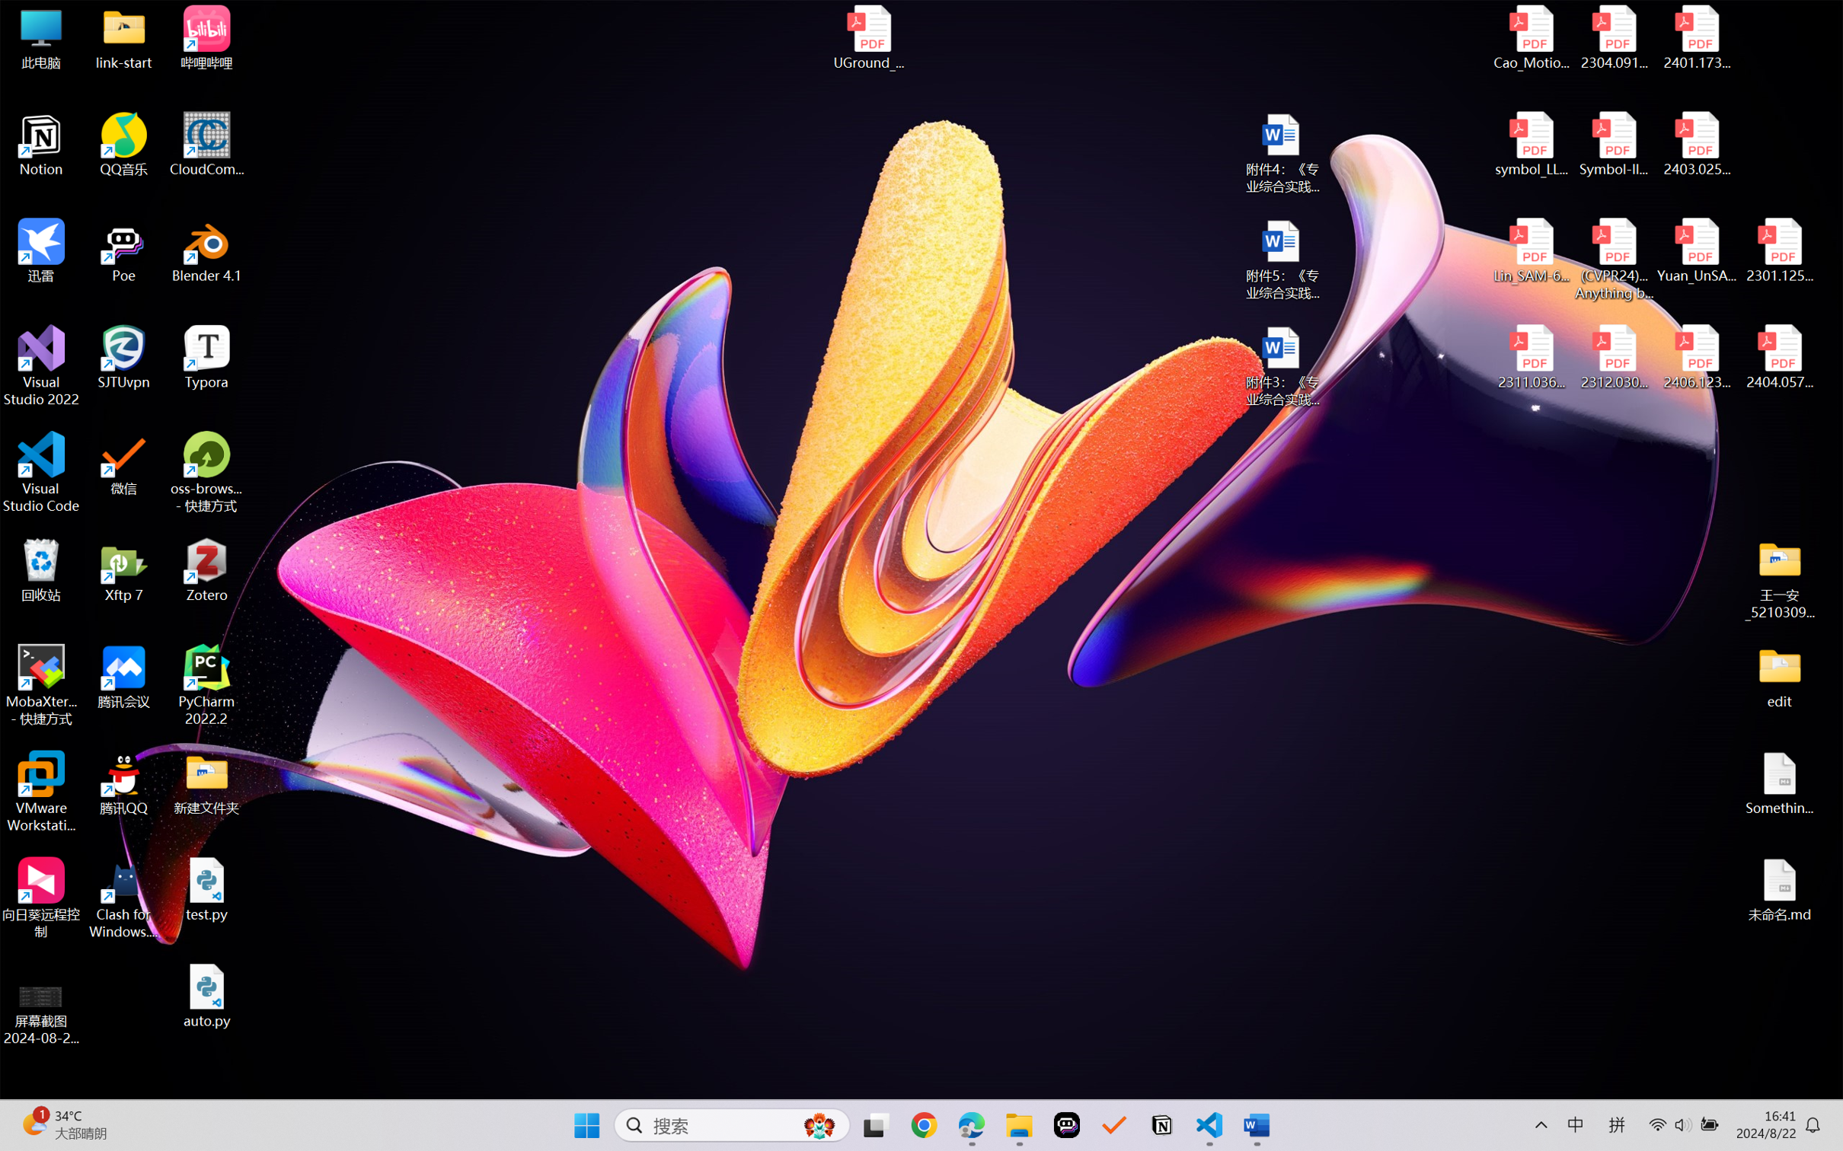  Describe the element at coordinates (124, 569) in the screenshot. I see `'Xftp 7'` at that location.